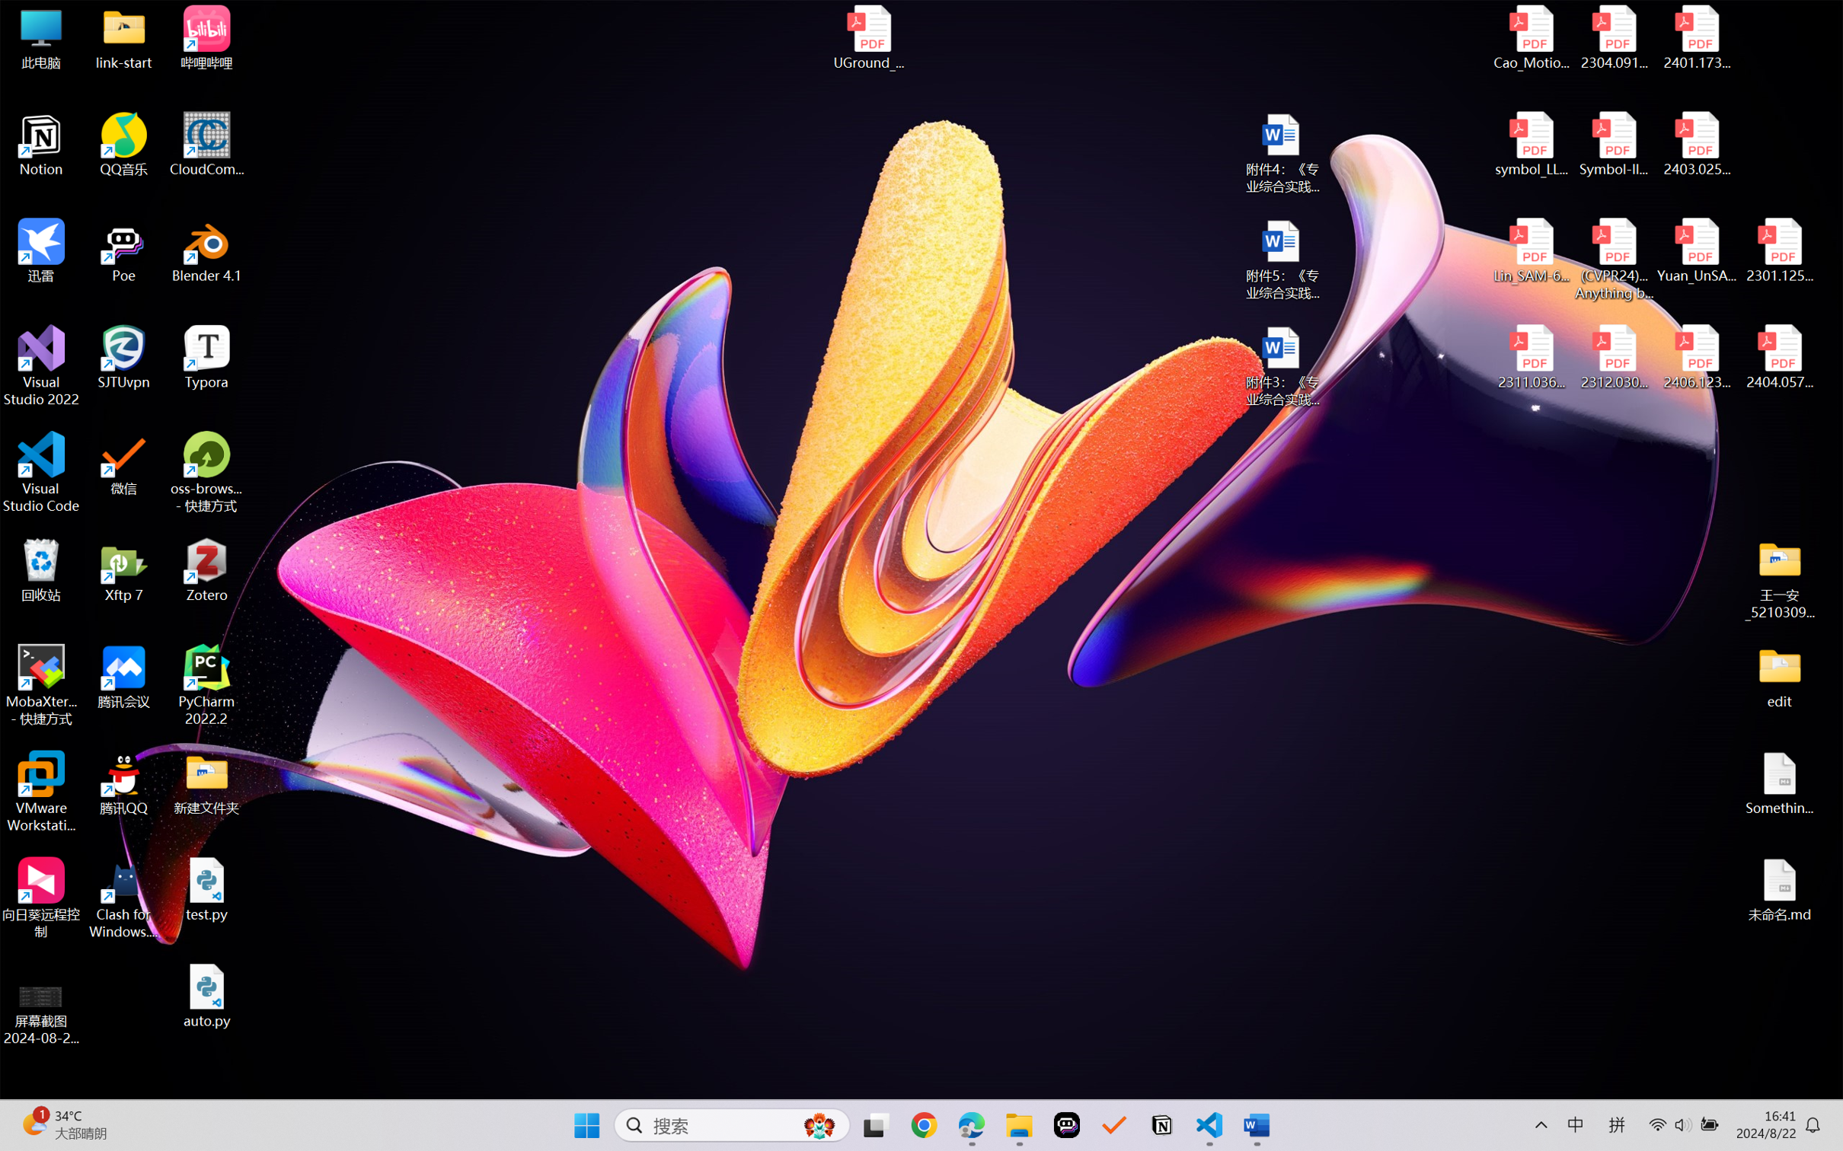  Describe the element at coordinates (124, 569) in the screenshot. I see `'Xftp 7'` at that location.